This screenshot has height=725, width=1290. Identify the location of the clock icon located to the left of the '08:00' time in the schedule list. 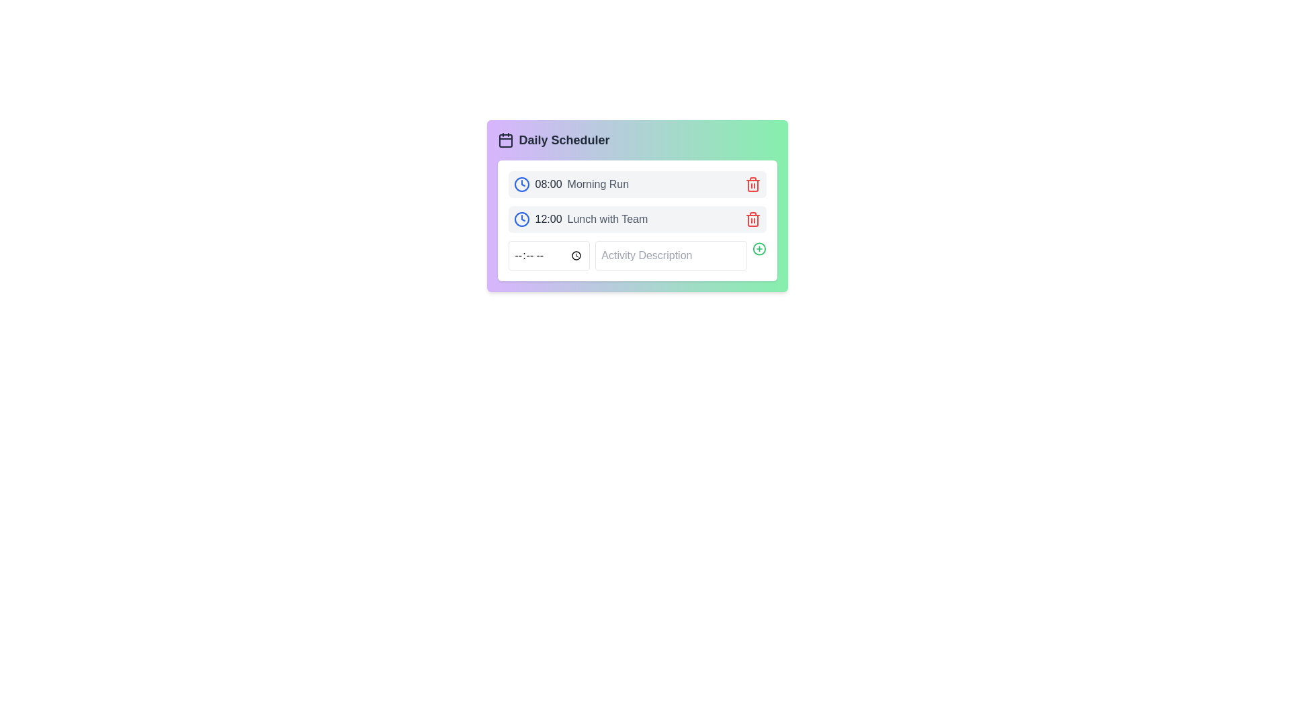
(521, 184).